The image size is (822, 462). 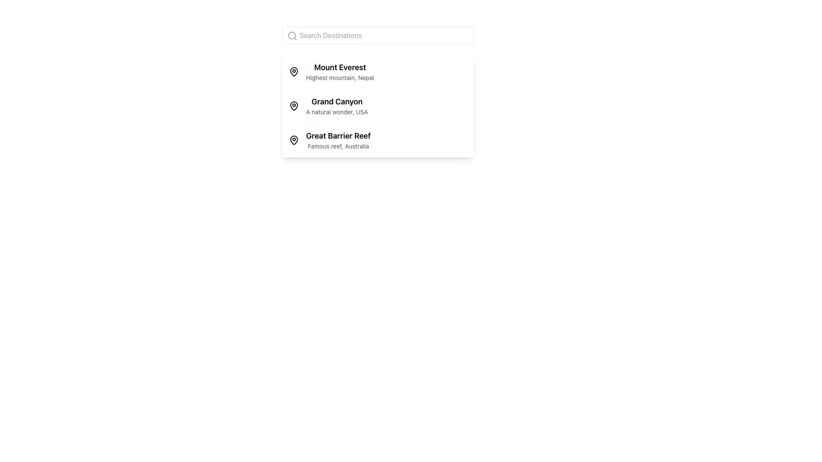 What do you see at coordinates (337, 112) in the screenshot?
I see `the text label reading 'A natural wonder, USA', which is styled in gray and positioned beneath the title 'Grand Canyon' in the search results layout` at bounding box center [337, 112].